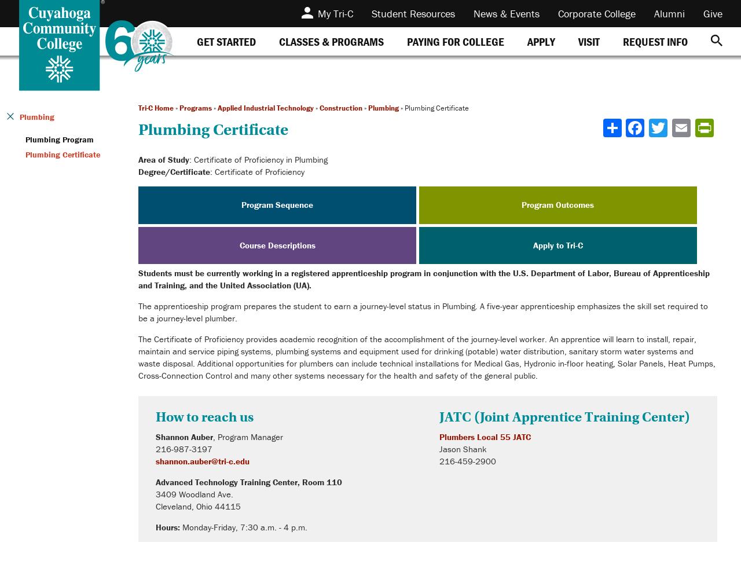  Describe the element at coordinates (183, 449) in the screenshot. I see `'216-987-3197'` at that location.